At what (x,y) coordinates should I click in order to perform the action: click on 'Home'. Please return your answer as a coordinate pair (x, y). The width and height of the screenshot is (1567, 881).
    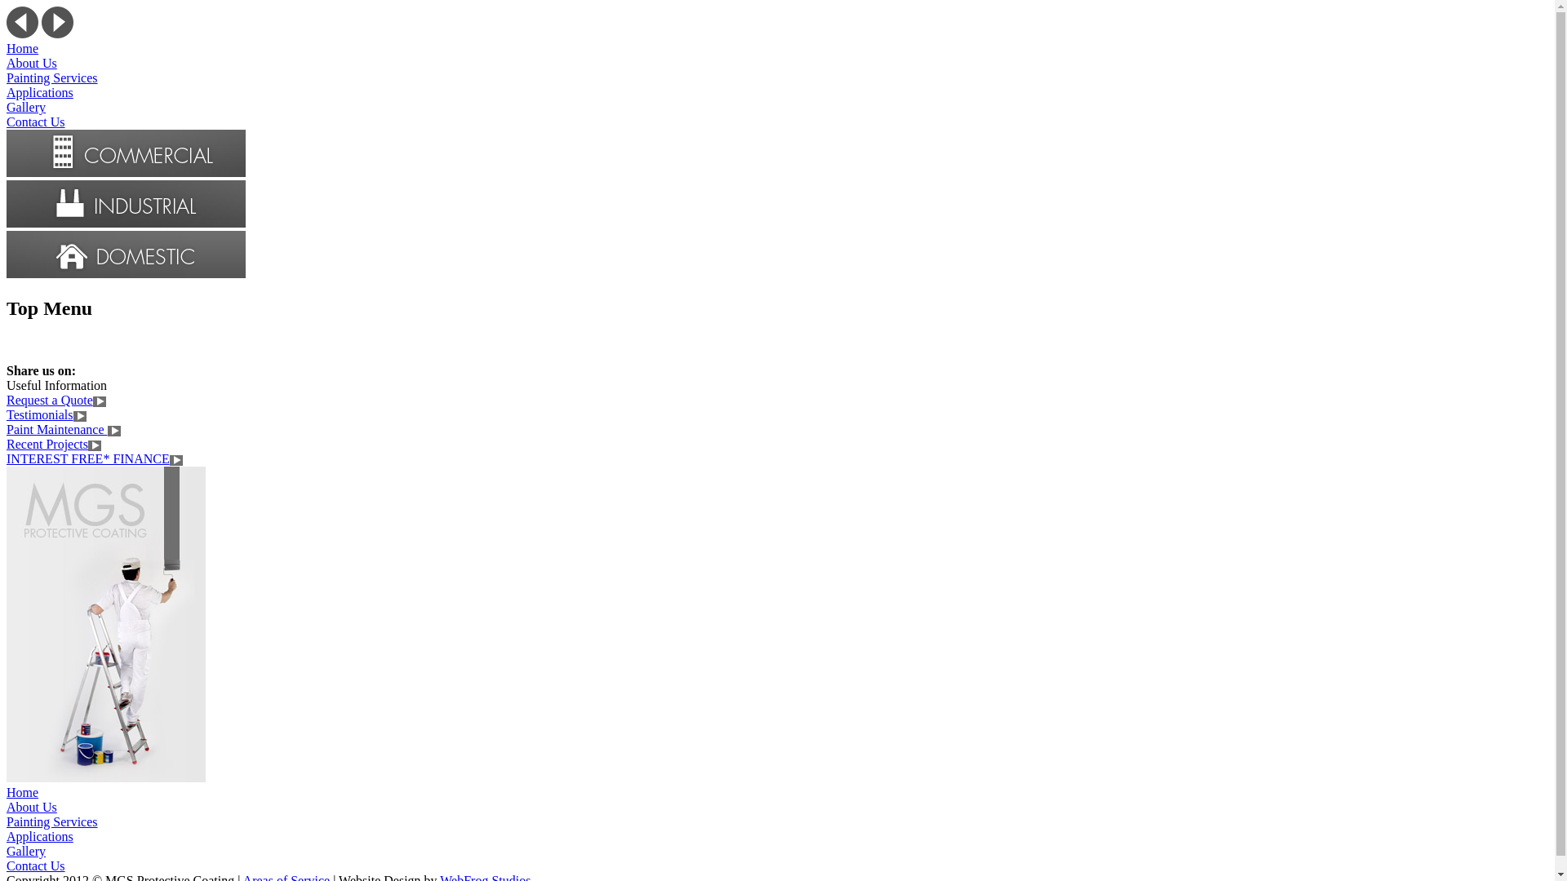
    Looking at the image, I should click on (7, 791).